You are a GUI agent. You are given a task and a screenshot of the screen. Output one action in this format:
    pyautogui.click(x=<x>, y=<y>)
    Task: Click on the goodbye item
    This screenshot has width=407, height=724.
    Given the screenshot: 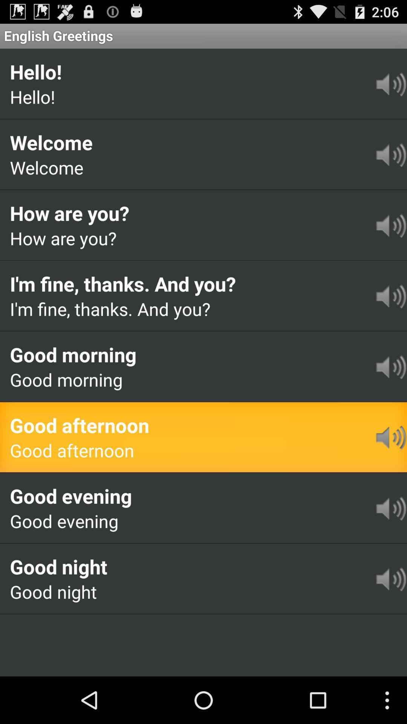 What is the action you would take?
    pyautogui.click(x=49, y=626)
    